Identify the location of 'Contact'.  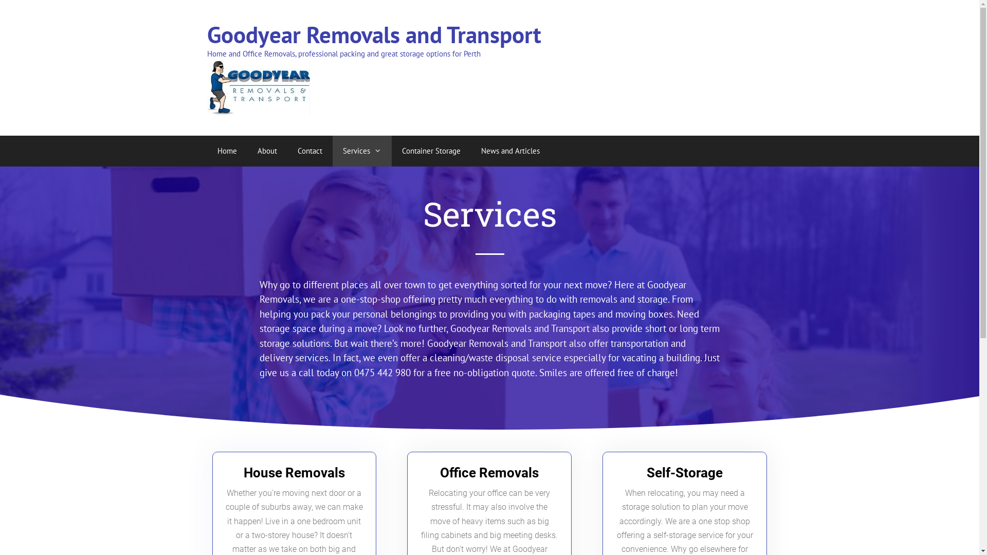
(308, 151).